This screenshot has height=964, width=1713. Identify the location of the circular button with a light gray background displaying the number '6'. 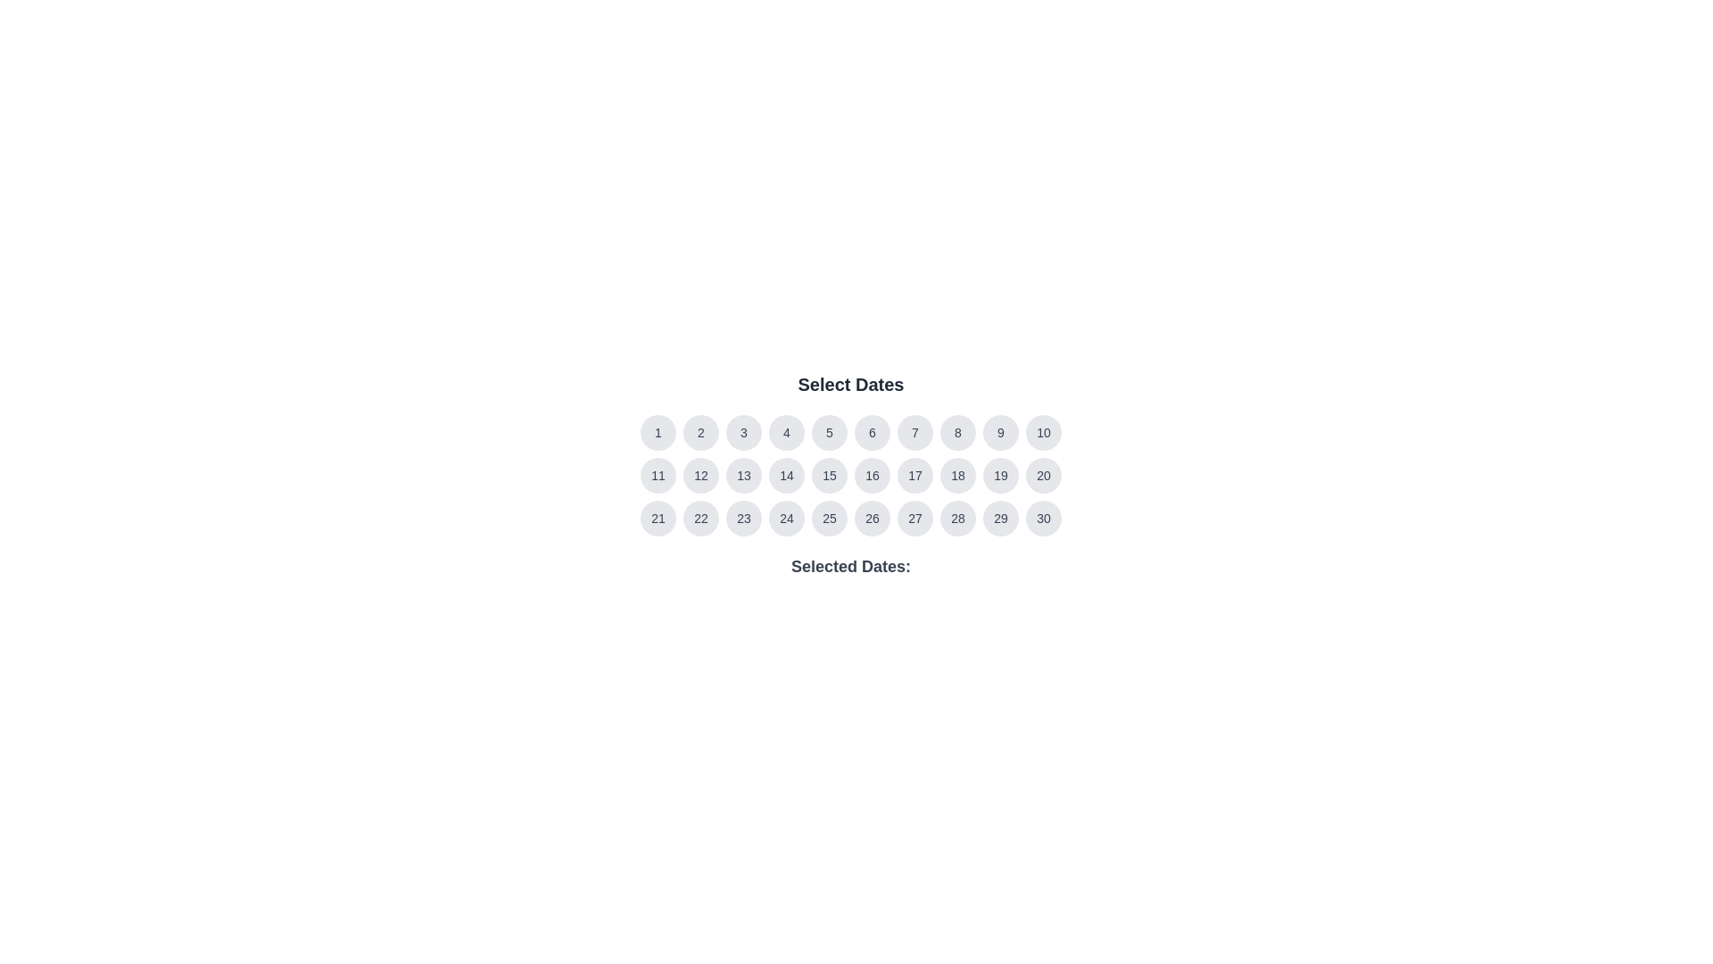
(873, 433).